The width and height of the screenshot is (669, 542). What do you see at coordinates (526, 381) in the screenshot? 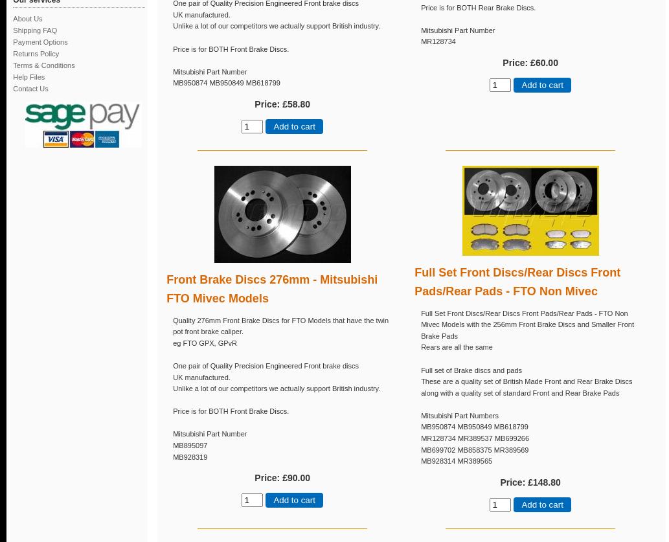
I see `'These are a quality set of British Made Front and Rear Brake Discs'` at bounding box center [526, 381].